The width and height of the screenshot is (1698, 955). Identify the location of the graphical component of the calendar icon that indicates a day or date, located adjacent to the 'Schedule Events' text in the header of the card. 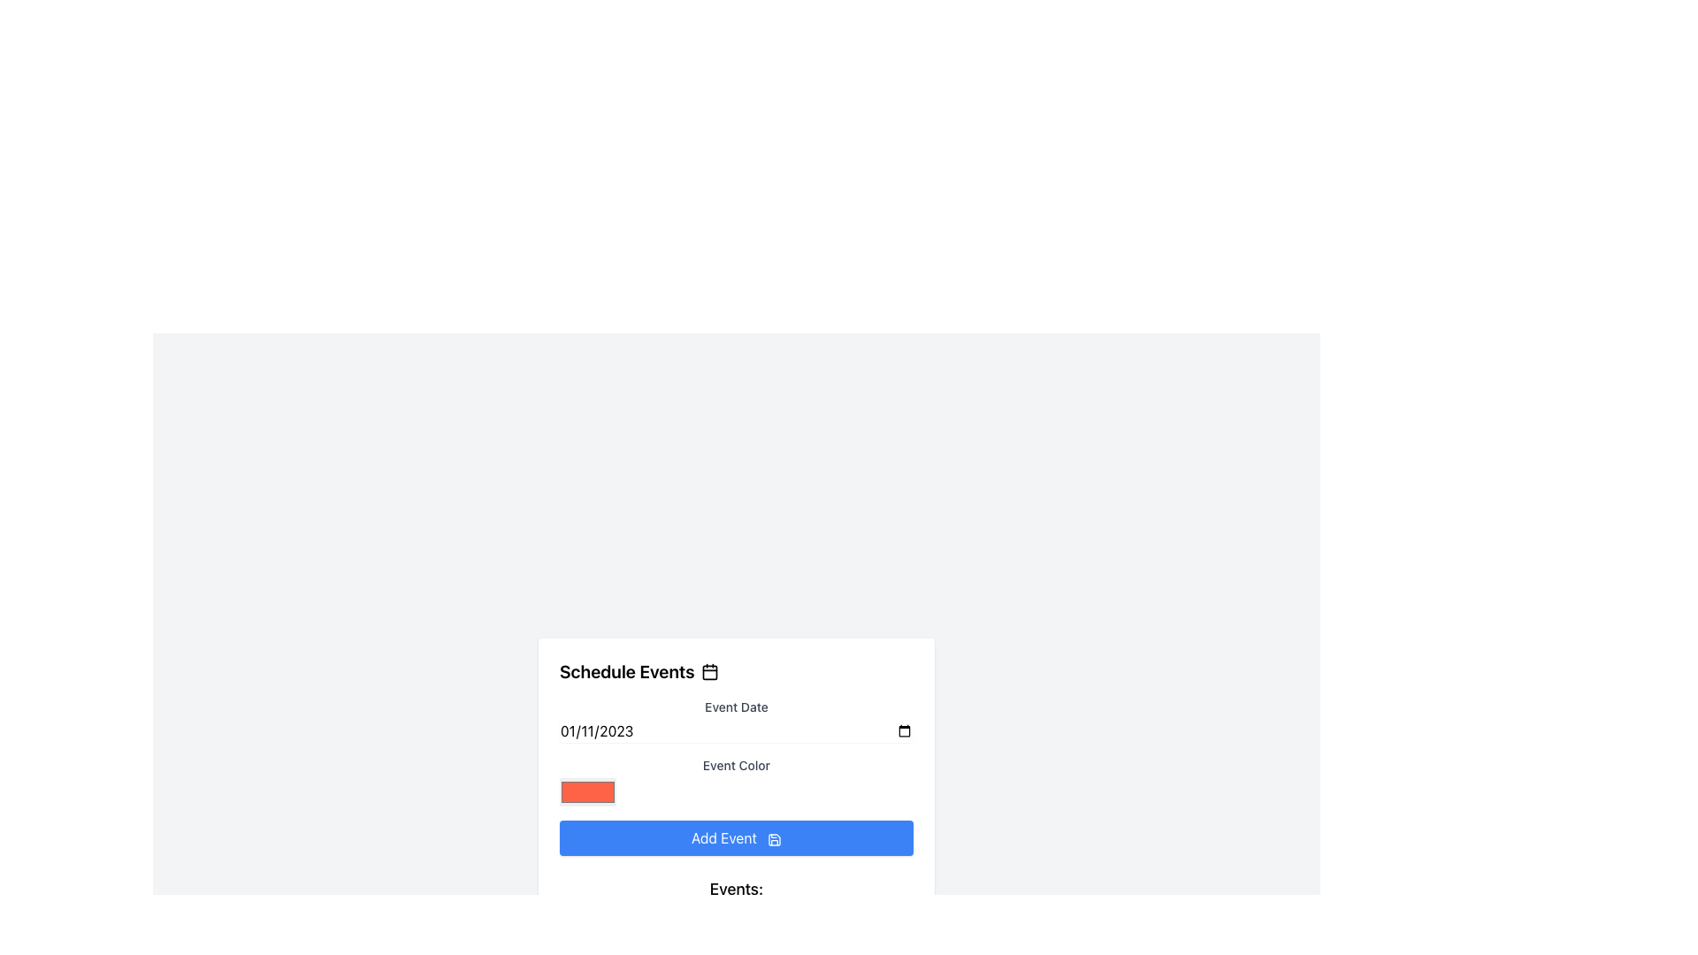
(710, 672).